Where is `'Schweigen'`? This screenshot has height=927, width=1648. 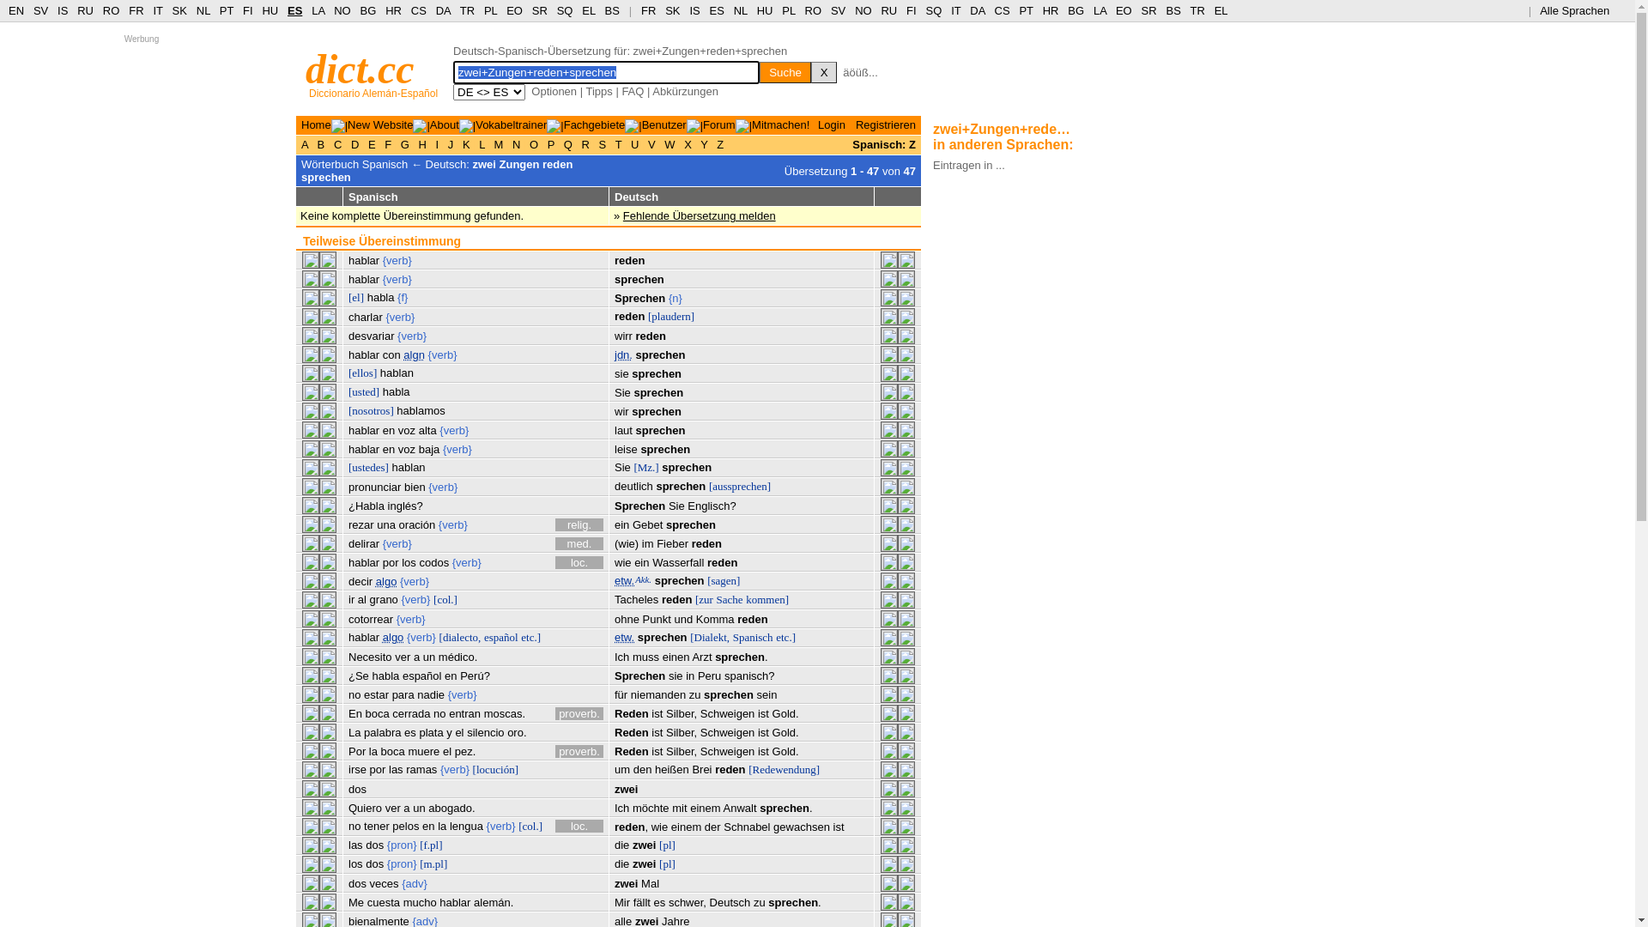
'Schweigen' is located at coordinates (728, 732).